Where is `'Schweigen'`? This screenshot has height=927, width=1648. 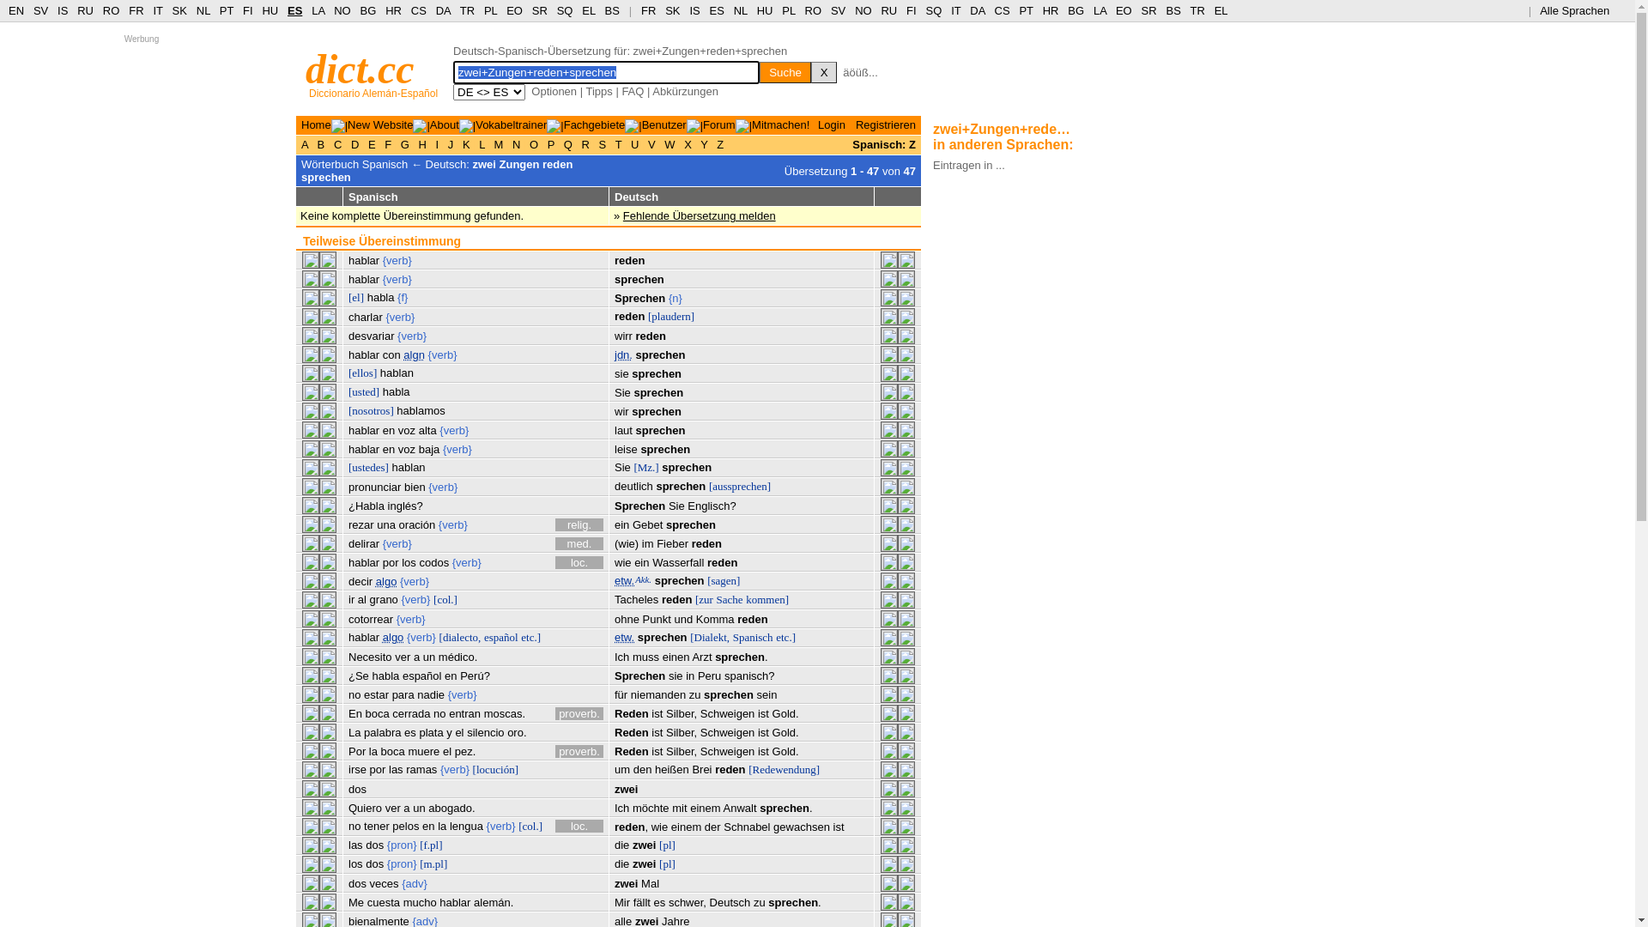
'Schweigen' is located at coordinates (728, 732).